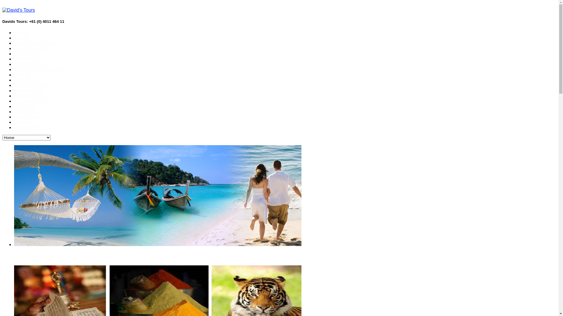 The width and height of the screenshot is (563, 316). Describe the element at coordinates (25, 111) in the screenshot. I see `'Travel Tips'` at that location.